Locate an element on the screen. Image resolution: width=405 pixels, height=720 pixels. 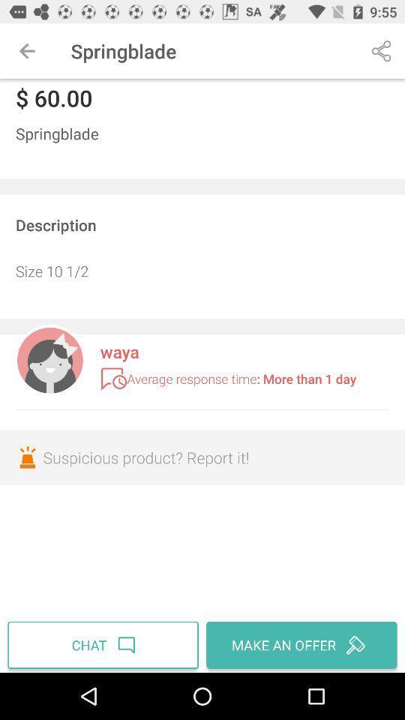
the icon next to waya is located at coordinates (49, 358).